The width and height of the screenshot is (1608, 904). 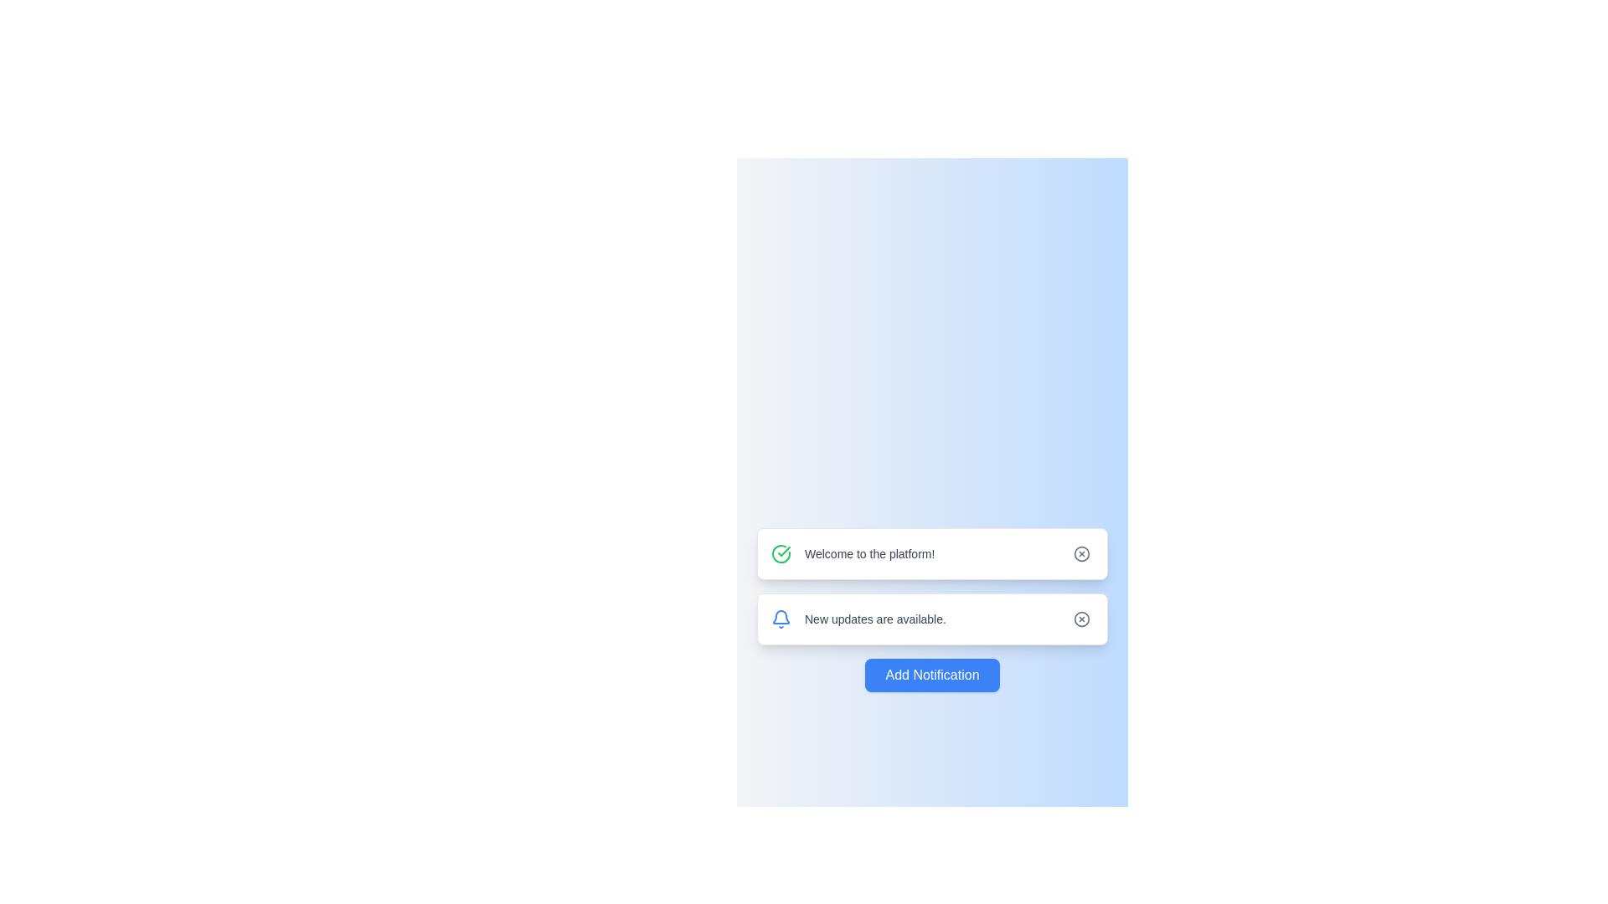 I want to click on the 'Add Notification' button to add a new notification, so click(x=931, y=674).